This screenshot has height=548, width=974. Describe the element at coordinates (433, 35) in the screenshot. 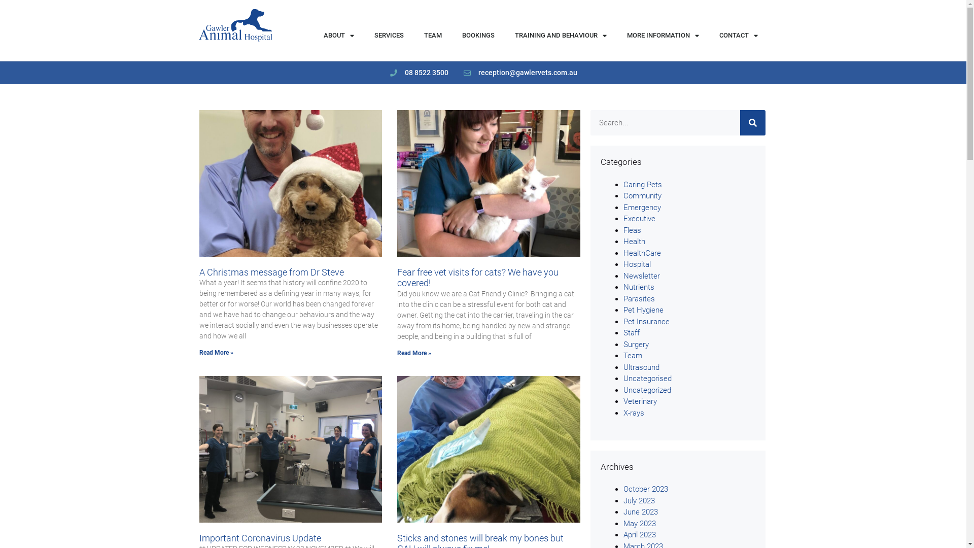

I see `'TEAM'` at that location.